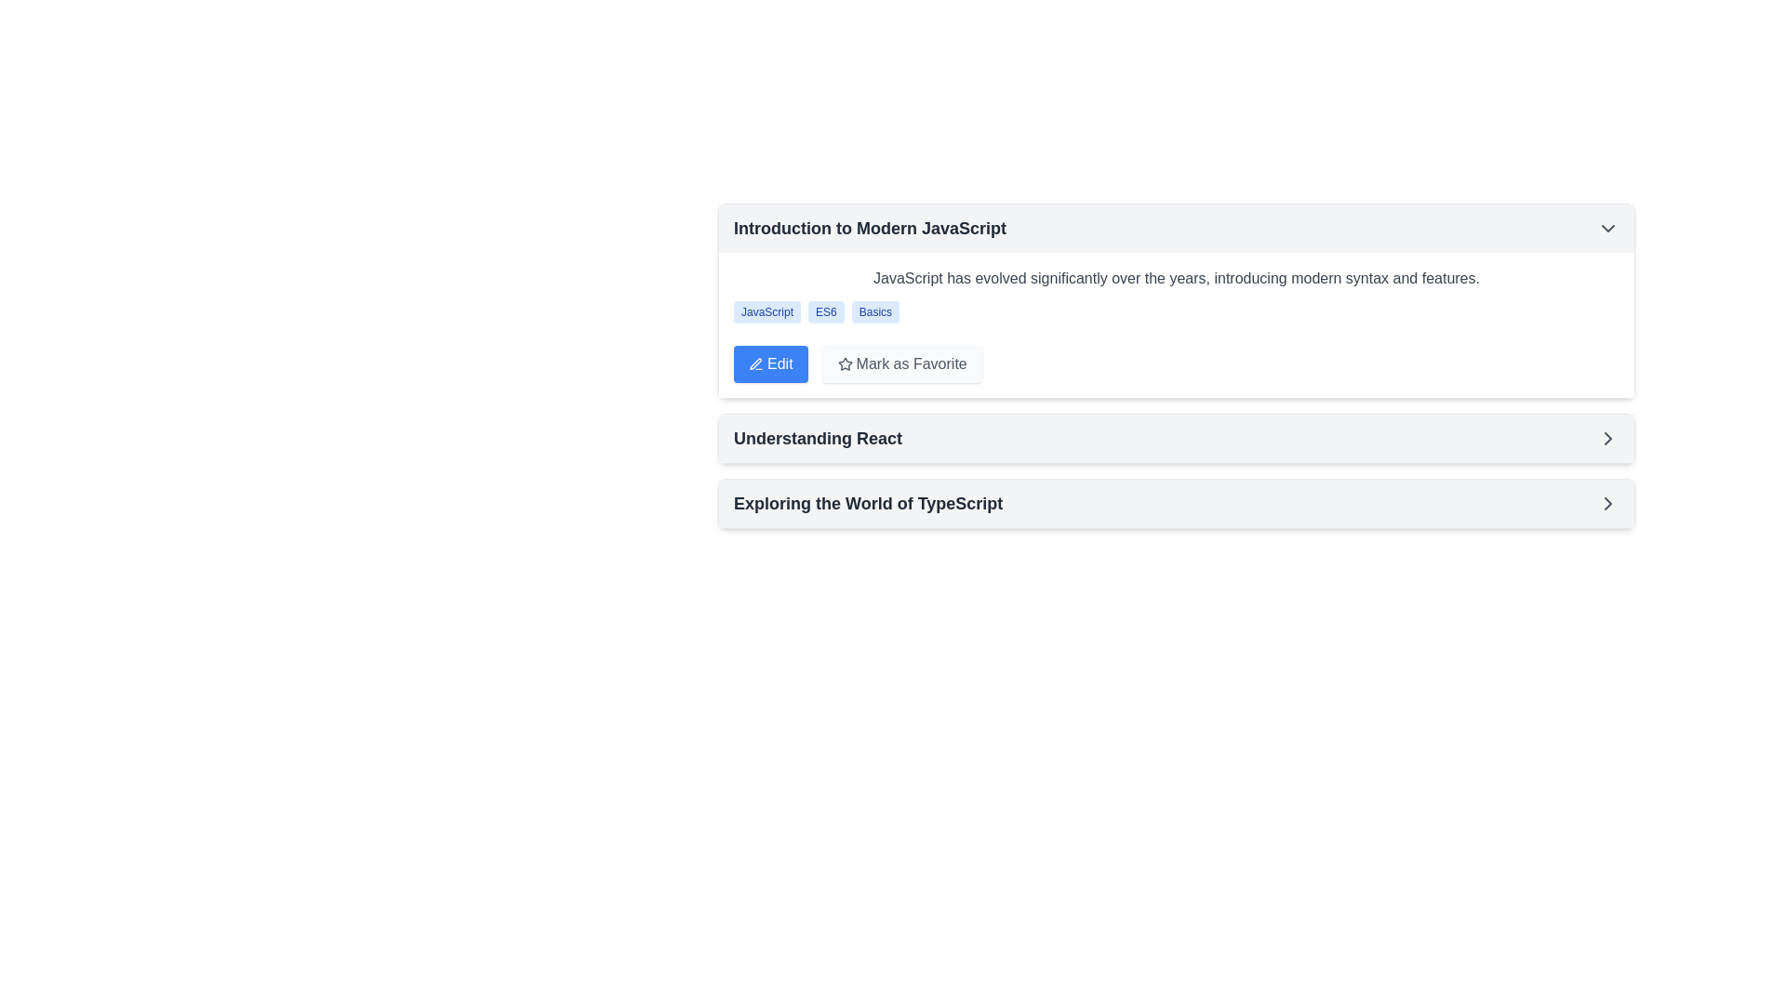  I want to click on the star-shaped icon with a hollow, outlined appearance located within the 'Mark as Favorite' button, which is positioned immediately to the right of the blue 'Edit' button, so click(843, 364).